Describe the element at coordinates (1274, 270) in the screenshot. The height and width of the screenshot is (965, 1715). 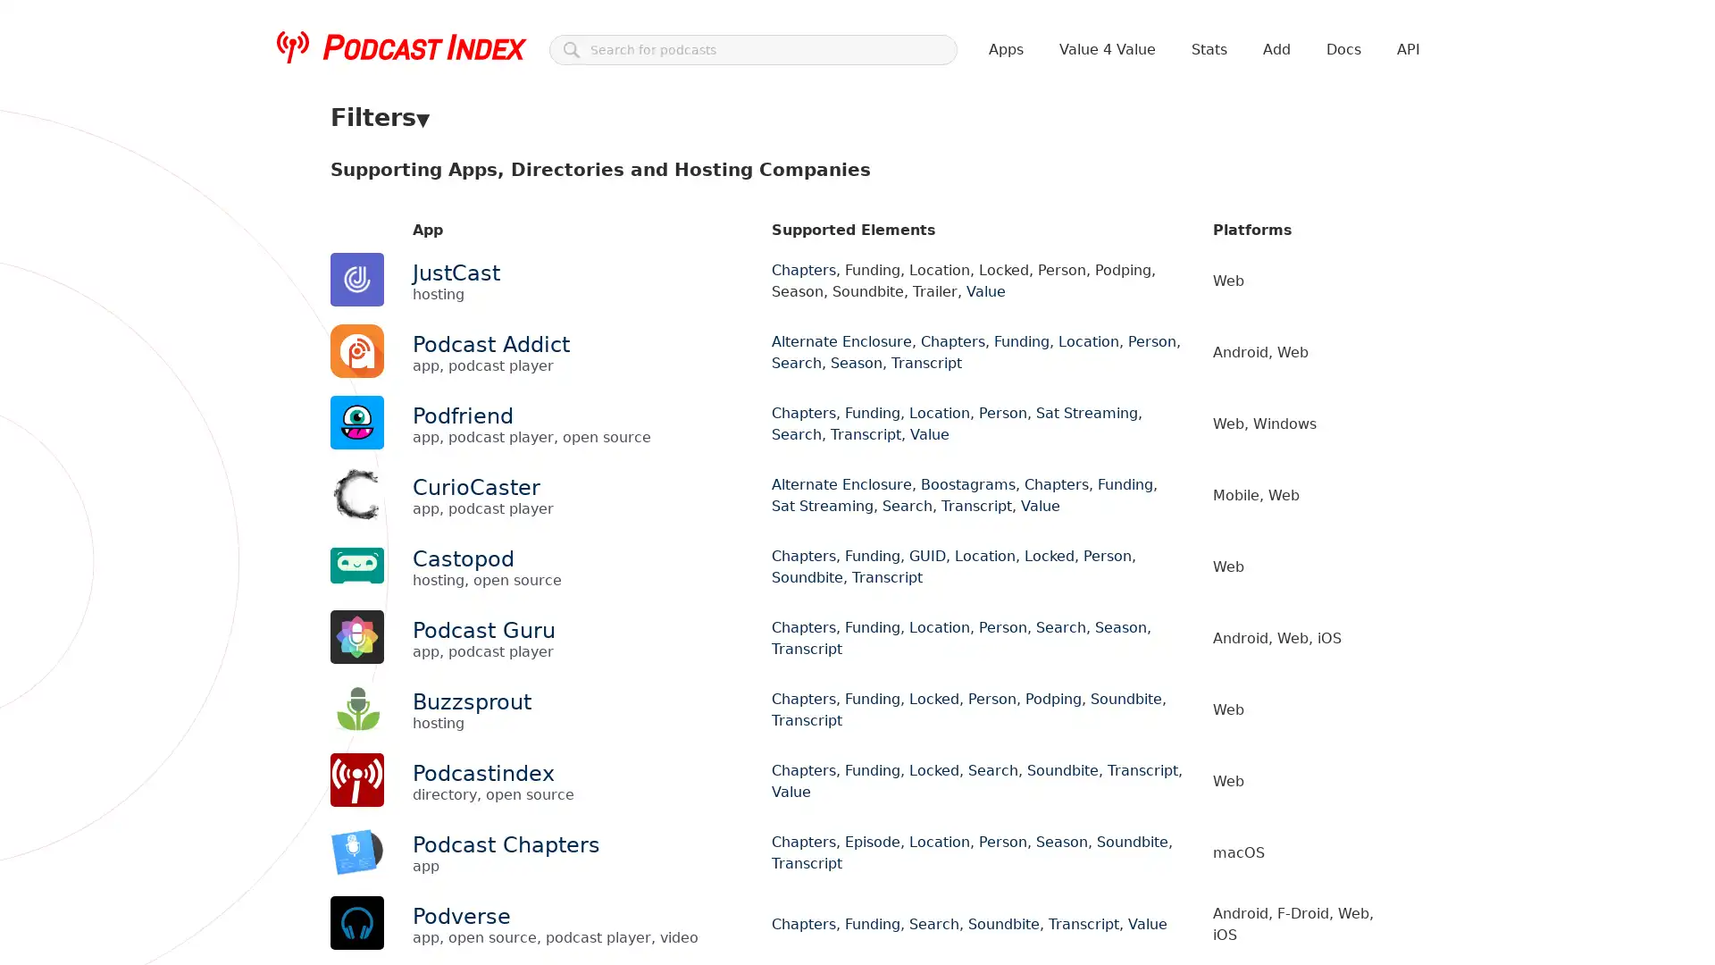
I see `Sat Streaming` at that location.